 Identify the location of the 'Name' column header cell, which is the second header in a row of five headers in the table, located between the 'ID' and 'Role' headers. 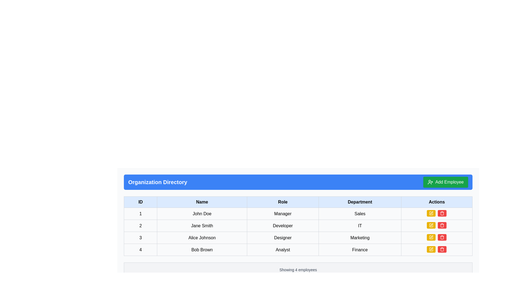
(202, 202).